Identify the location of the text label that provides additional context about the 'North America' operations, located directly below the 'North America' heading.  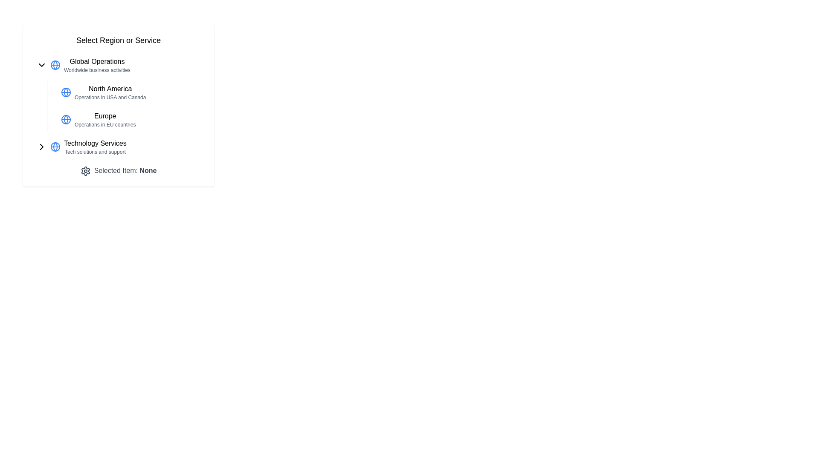
(110, 97).